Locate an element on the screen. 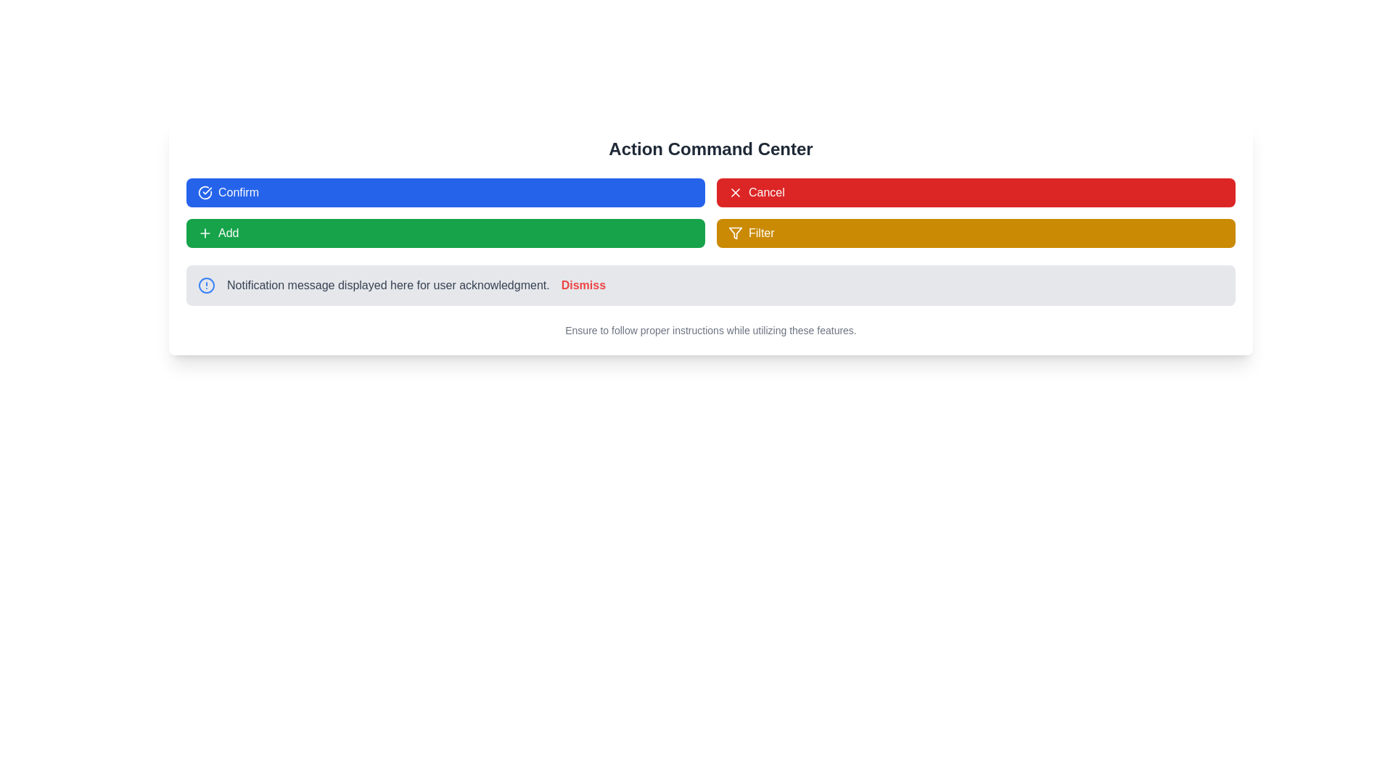  circle graphic element, which has a blue outline and is located centrally within the SVG alert icon, positioned to the left of the notification bar is located at coordinates (205, 285).